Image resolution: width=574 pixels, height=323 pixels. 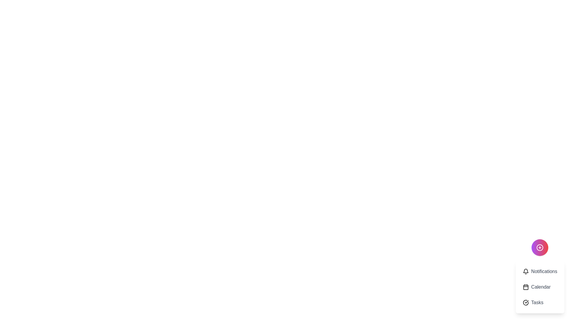 What do you see at coordinates (540, 302) in the screenshot?
I see `the 'Tasks' menu item to select it` at bounding box center [540, 302].